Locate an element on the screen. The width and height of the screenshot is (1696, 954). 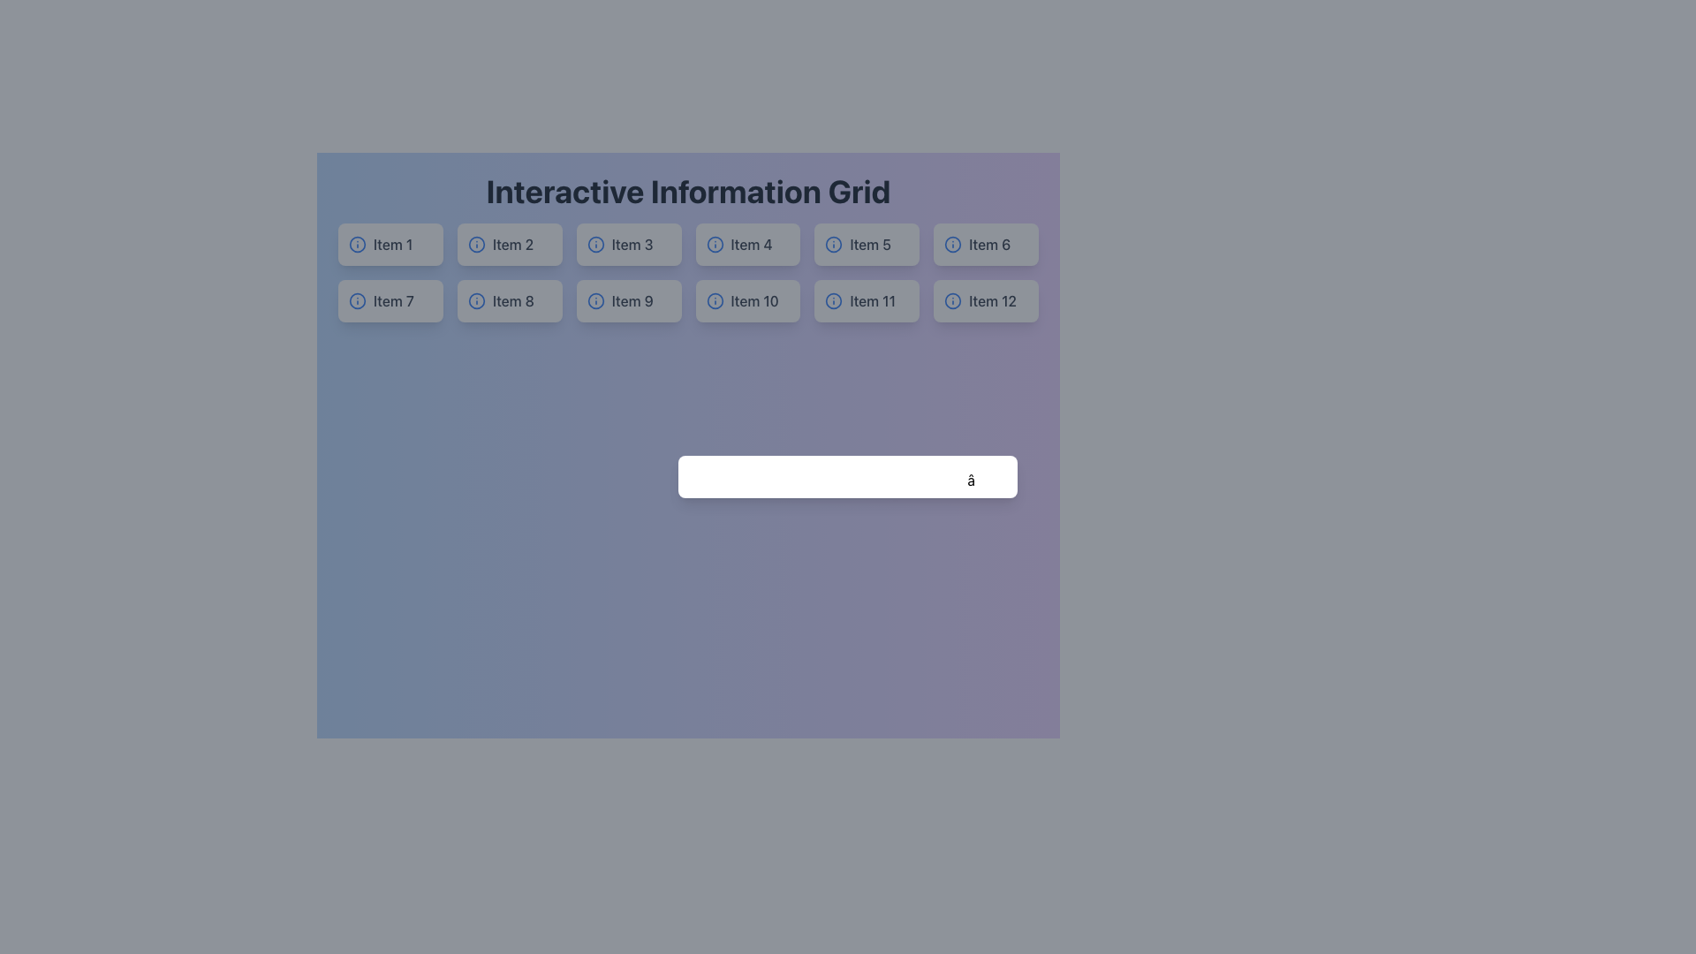
the informational text element labeled 'Item 8' with a blue information icon is located at coordinates (509, 299).